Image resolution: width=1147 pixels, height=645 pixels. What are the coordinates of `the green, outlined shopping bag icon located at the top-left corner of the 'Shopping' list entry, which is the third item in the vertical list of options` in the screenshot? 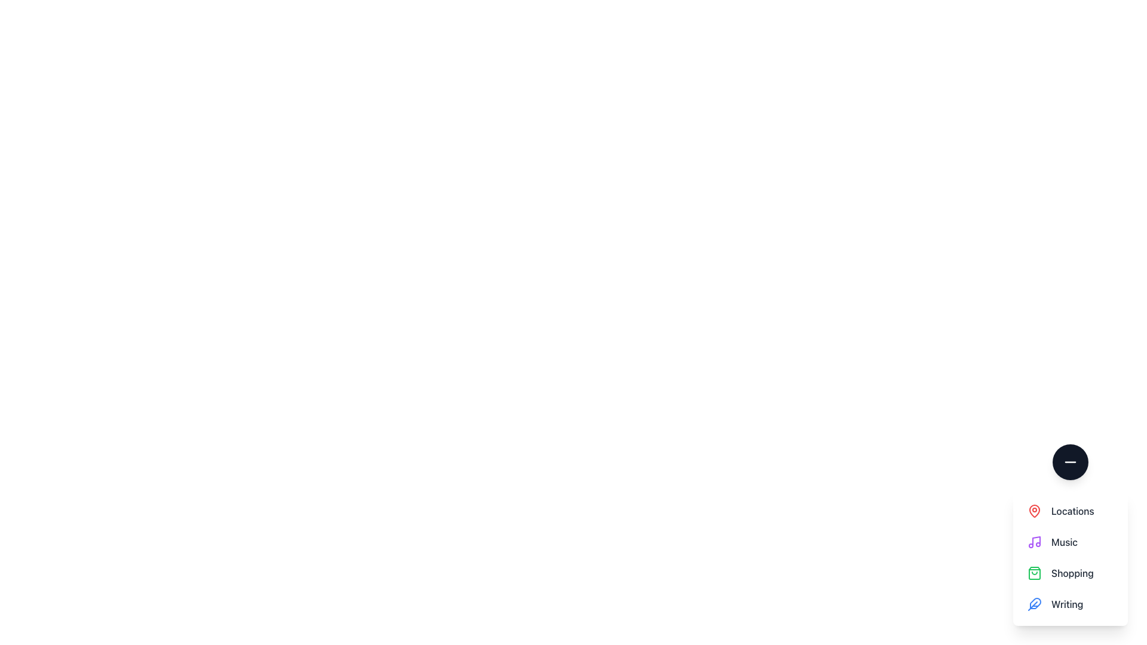 It's located at (1034, 573).